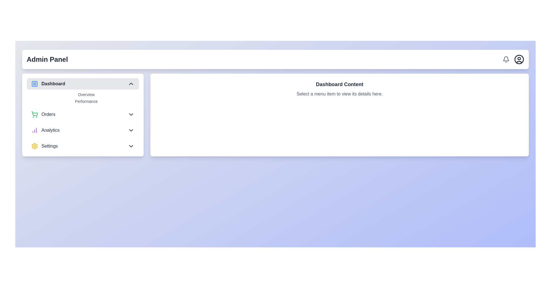 This screenshot has height=306, width=545. Describe the element at coordinates (519, 59) in the screenshot. I see `the small circle icon located in the upper-right corner of the interface, which is part of a user profile or avatar graphic` at that location.